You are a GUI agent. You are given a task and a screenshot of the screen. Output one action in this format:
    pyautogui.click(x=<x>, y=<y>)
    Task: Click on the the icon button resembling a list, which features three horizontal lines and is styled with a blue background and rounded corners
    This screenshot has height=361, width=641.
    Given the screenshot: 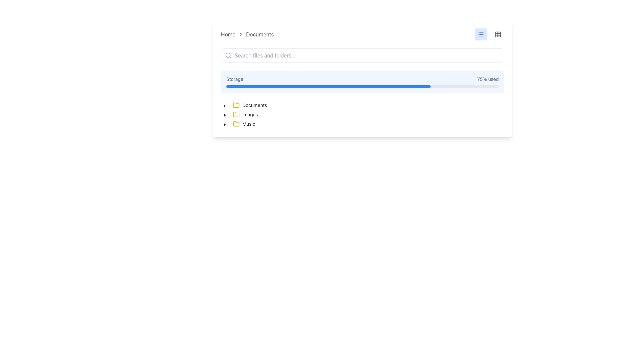 What is the action you would take?
    pyautogui.click(x=481, y=34)
    